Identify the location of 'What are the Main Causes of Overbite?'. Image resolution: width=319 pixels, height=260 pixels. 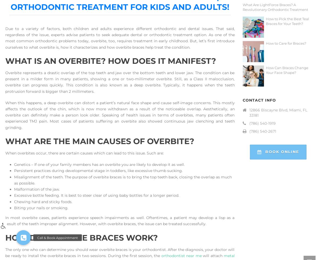
(100, 141).